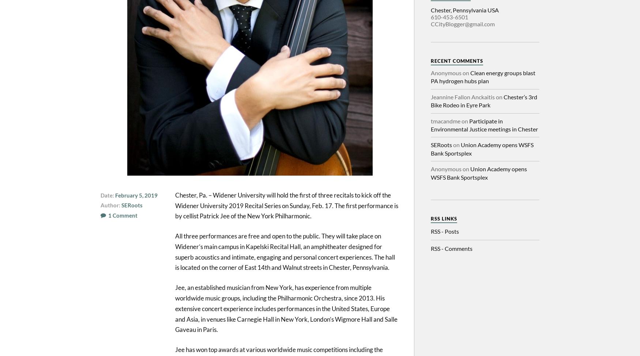 This screenshot has width=640, height=356. I want to click on 'RSS - Comments', so click(451, 248).